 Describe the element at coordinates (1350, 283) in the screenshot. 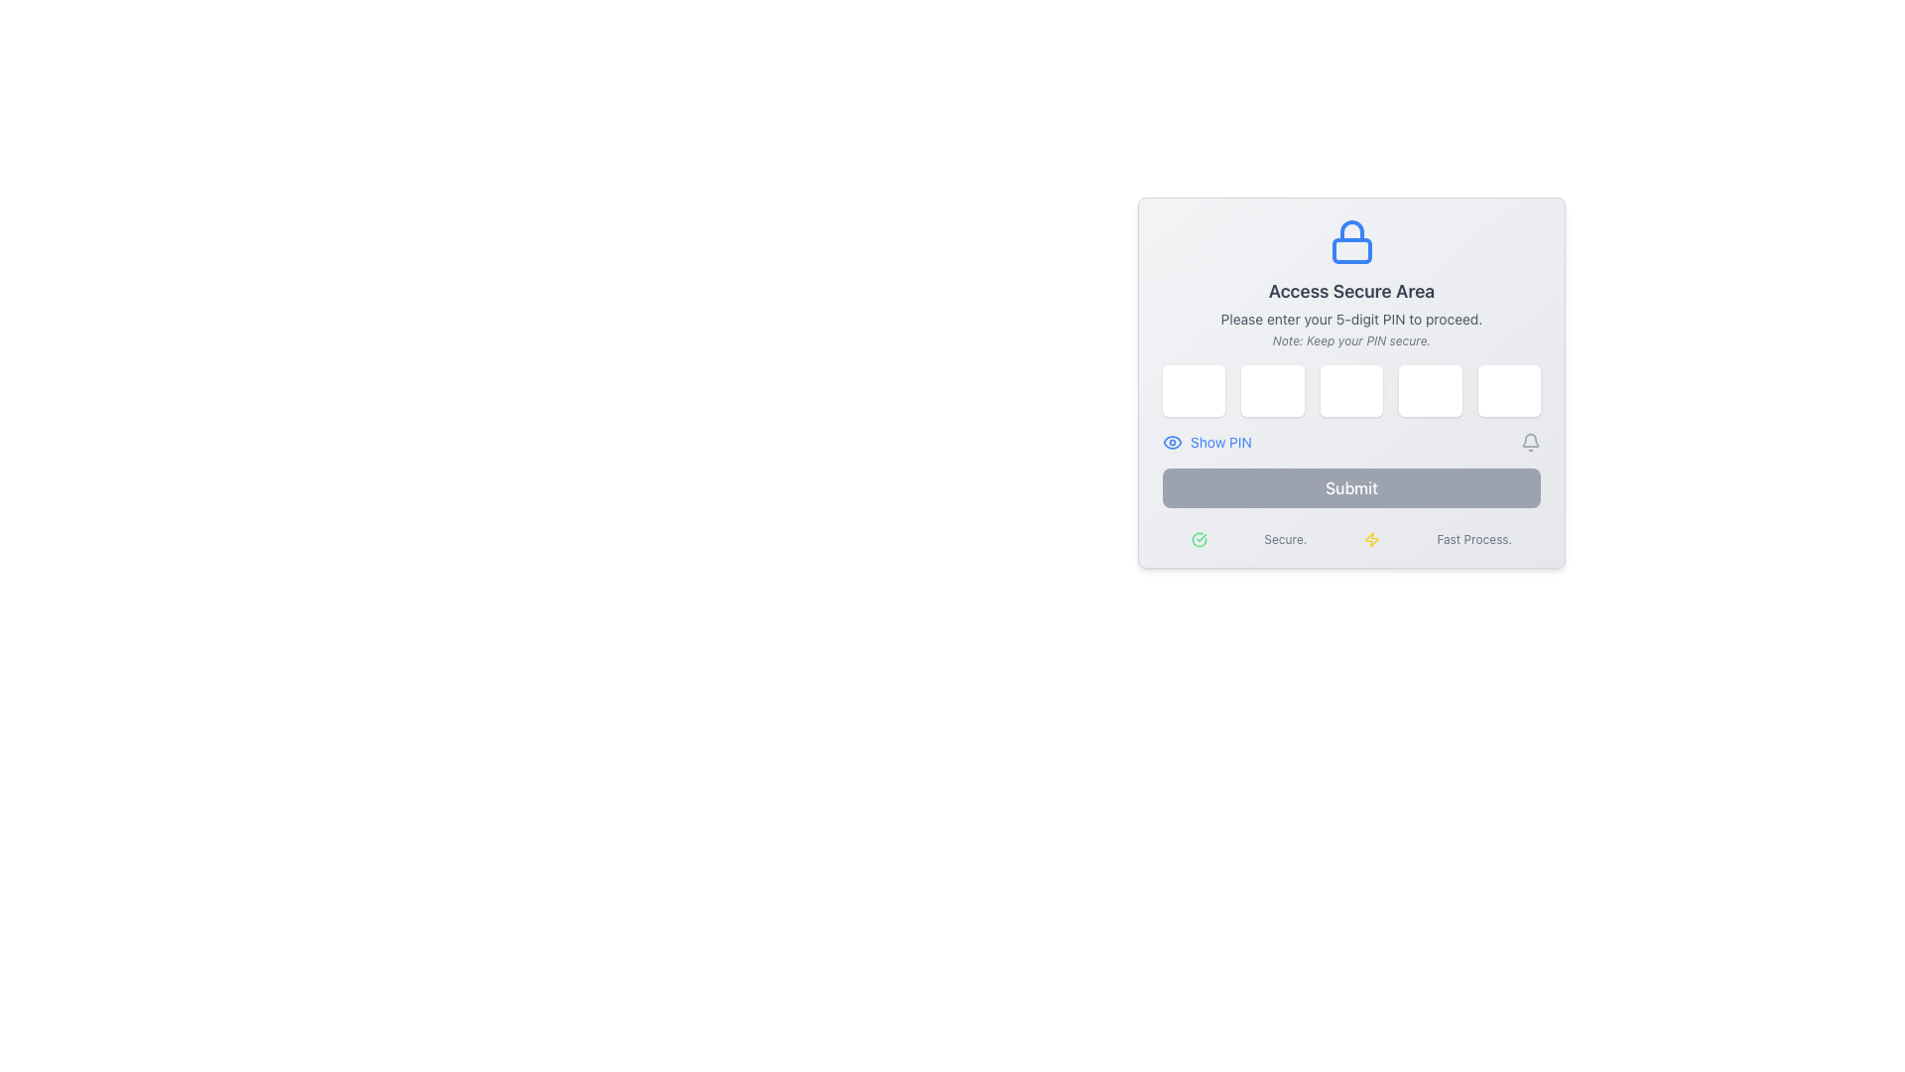

I see `informational text block that provides instructions for entering a 5-digit PIN, located below the lock icon and above the PIN input fields` at that location.